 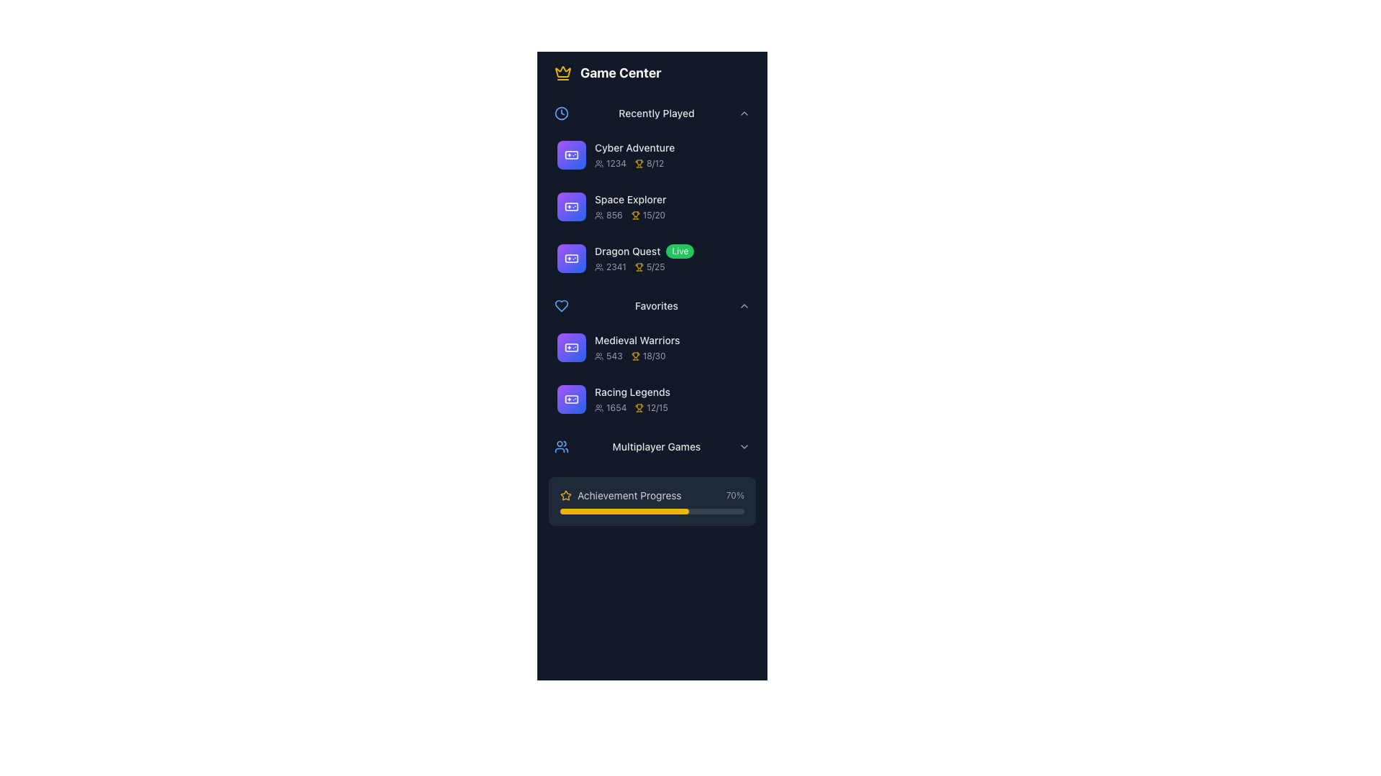 I want to click on the 'Favorites' collapsible button, which features a blue heart icon on the left and a collapsible arrow icon on the right, so click(x=652, y=305).